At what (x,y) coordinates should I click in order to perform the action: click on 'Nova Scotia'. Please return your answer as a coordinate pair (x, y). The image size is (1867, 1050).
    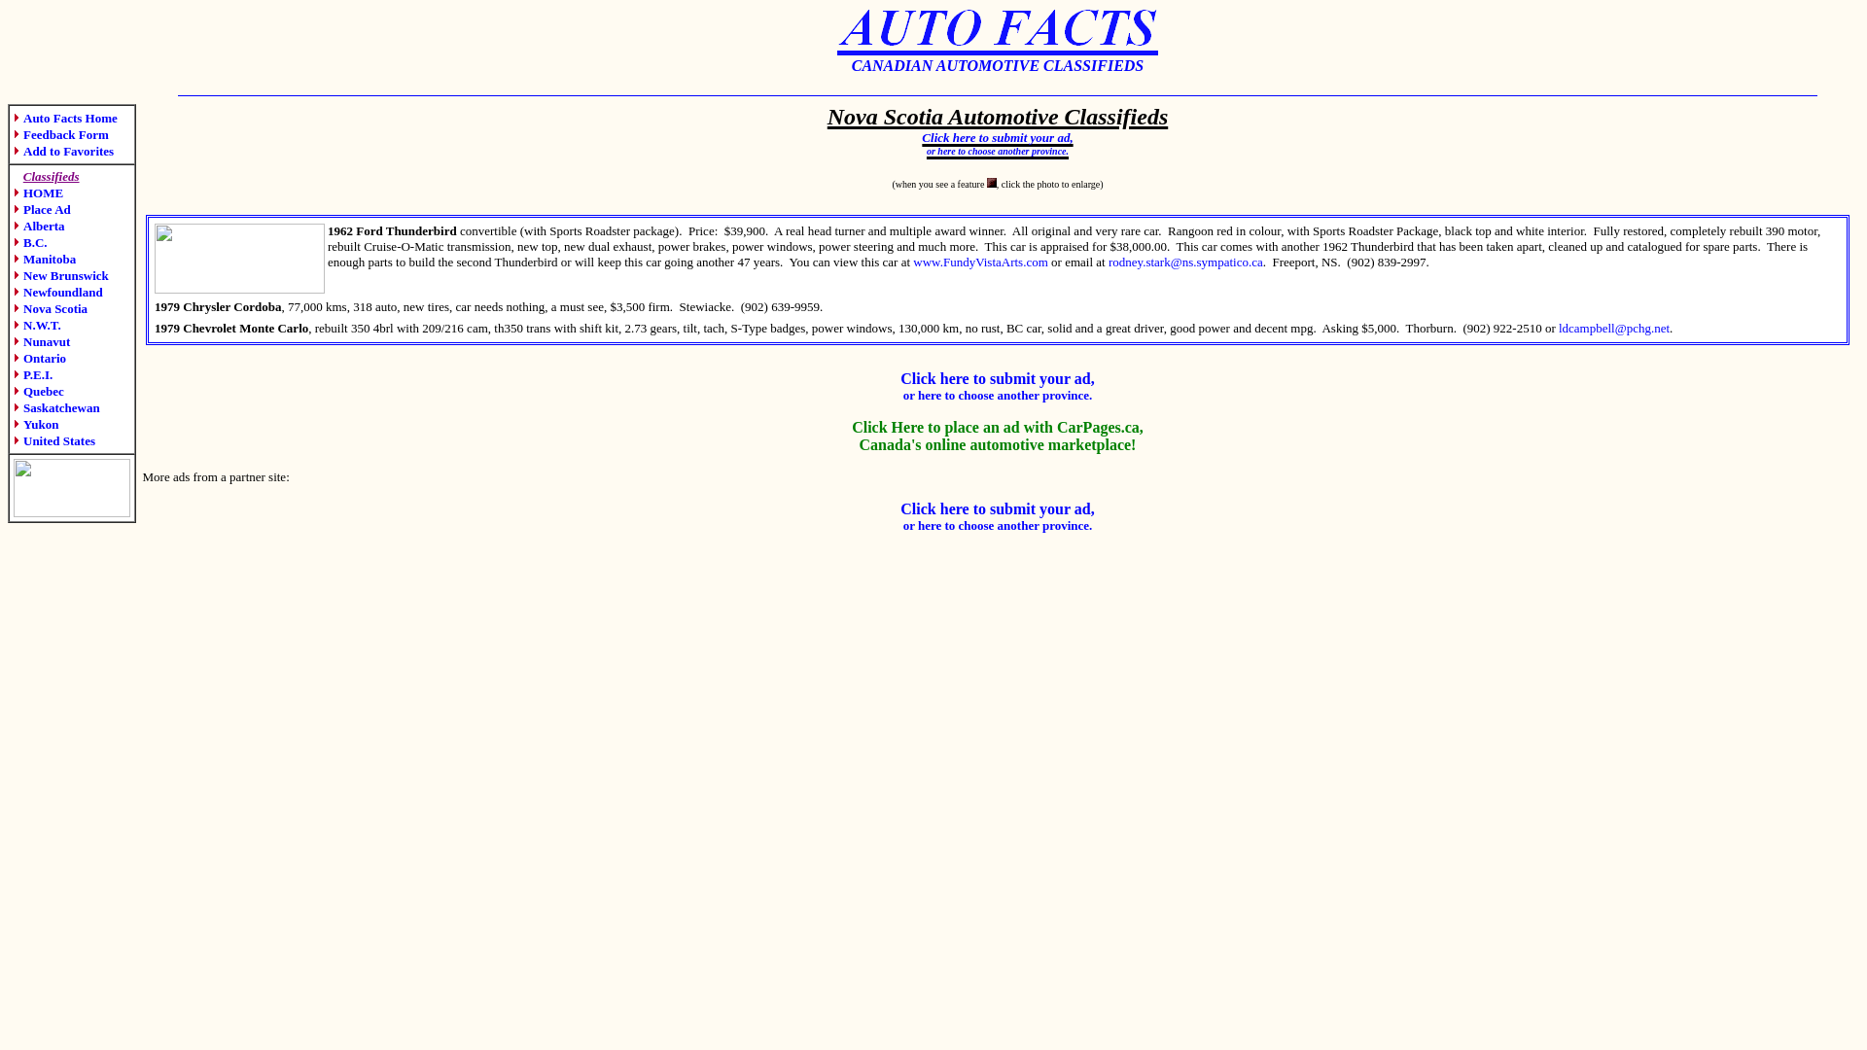
    Looking at the image, I should click on (51, 307).